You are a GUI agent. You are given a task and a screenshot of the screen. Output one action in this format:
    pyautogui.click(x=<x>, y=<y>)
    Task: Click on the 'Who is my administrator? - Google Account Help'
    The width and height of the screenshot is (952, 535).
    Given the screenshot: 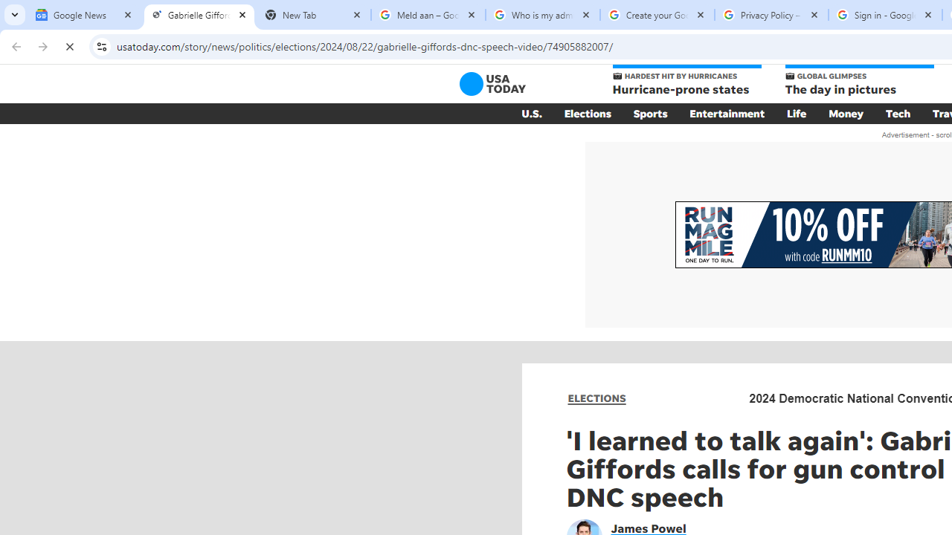 What is the action you would take?
    pyautogui.click(x=542, y=15)
    